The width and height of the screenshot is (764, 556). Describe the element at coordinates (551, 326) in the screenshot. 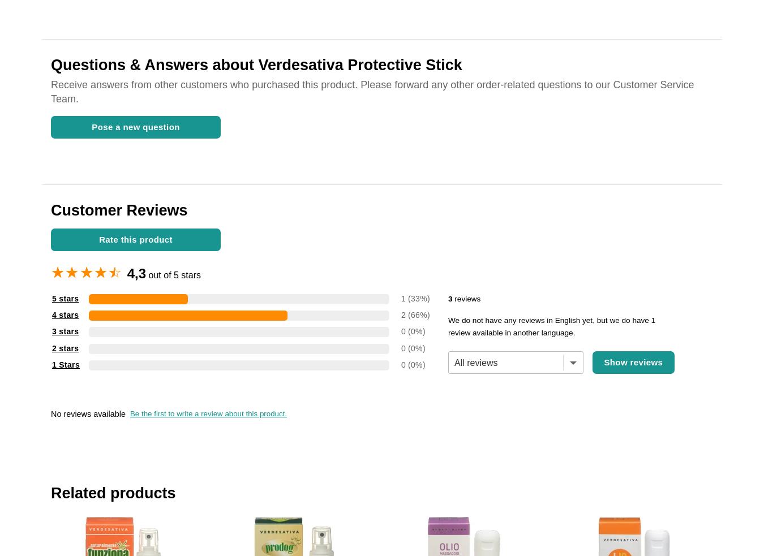

I see `'We do not have any reviews in English yet, but we do have 1 review available in another language.'` at that location.